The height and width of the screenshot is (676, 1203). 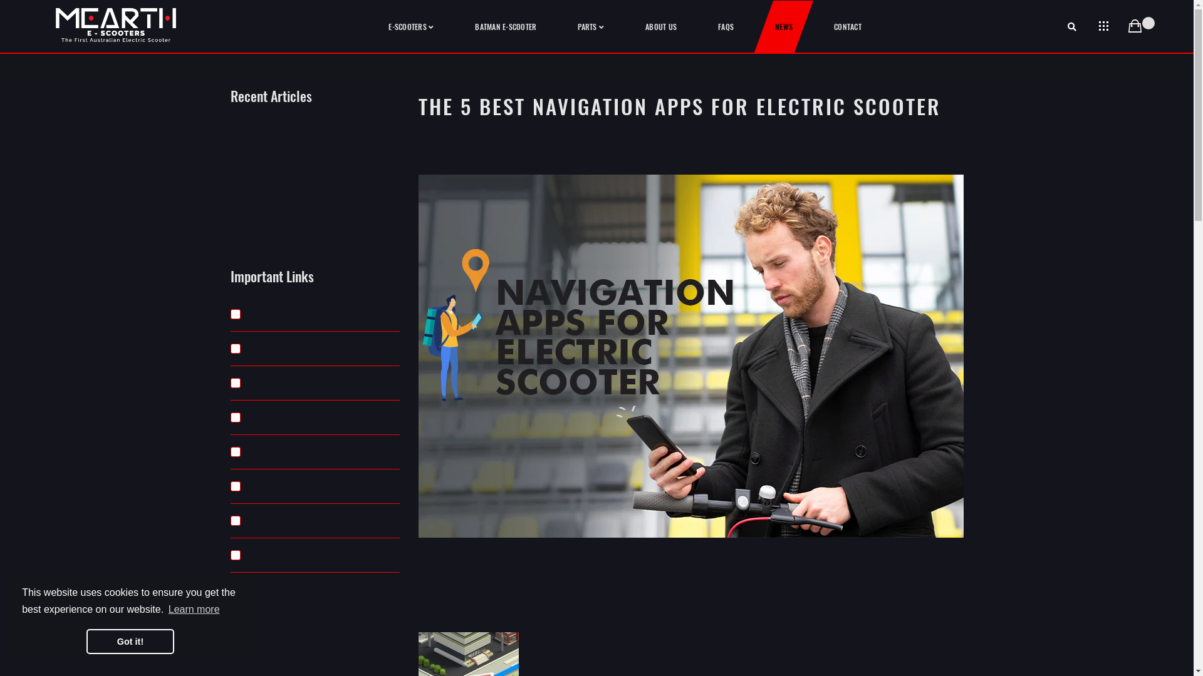 What do you see at coordinates (726, 26) in the screenshot?
I see `'FAQS'` at bounding box center [726, 26].